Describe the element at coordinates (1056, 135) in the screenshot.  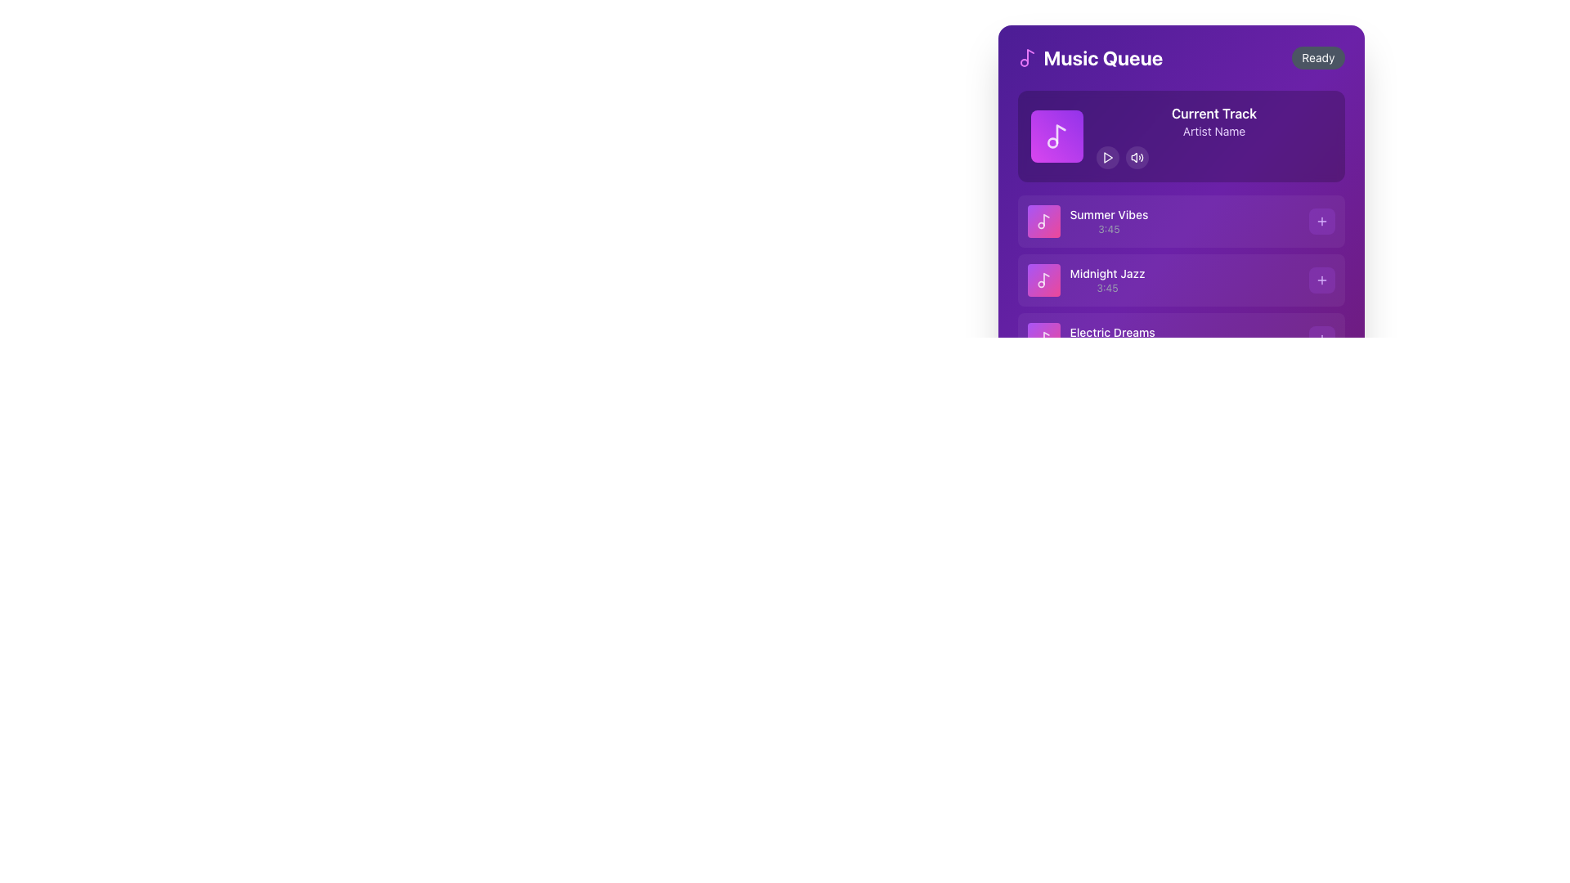
I see `the interactive button or icon that visually represents the currently playing musical track, located to the left of the text 'Current Track'` at that location.